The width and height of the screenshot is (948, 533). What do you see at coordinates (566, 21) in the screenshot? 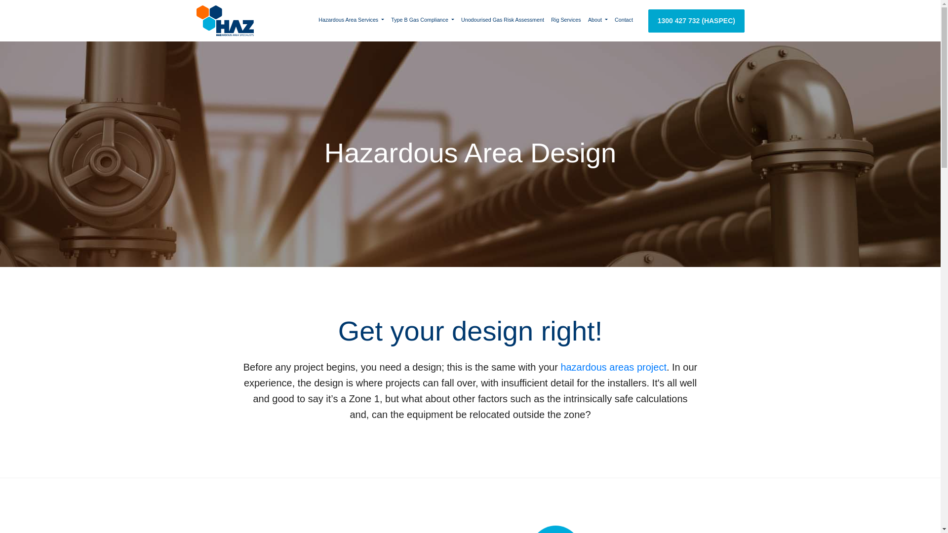
I see `'Rig Services'` at bounding box center [566, 21].